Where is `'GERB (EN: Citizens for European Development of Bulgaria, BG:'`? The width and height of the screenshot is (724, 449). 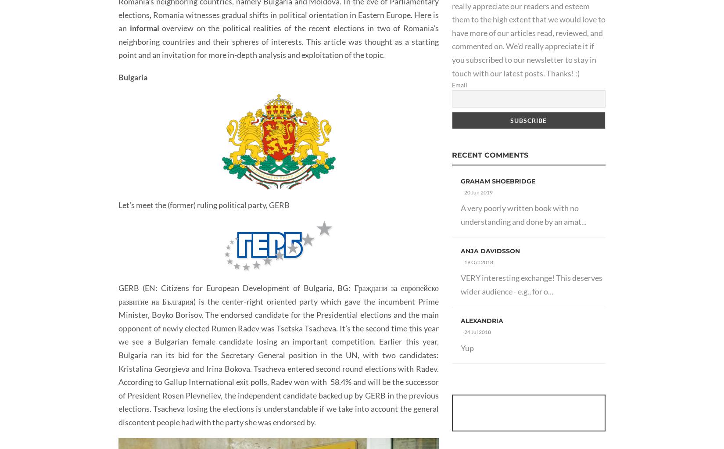
'GERB (EN: Citizens for European Development of Bulgaria, BG:' is located at coordinates (236, 288).